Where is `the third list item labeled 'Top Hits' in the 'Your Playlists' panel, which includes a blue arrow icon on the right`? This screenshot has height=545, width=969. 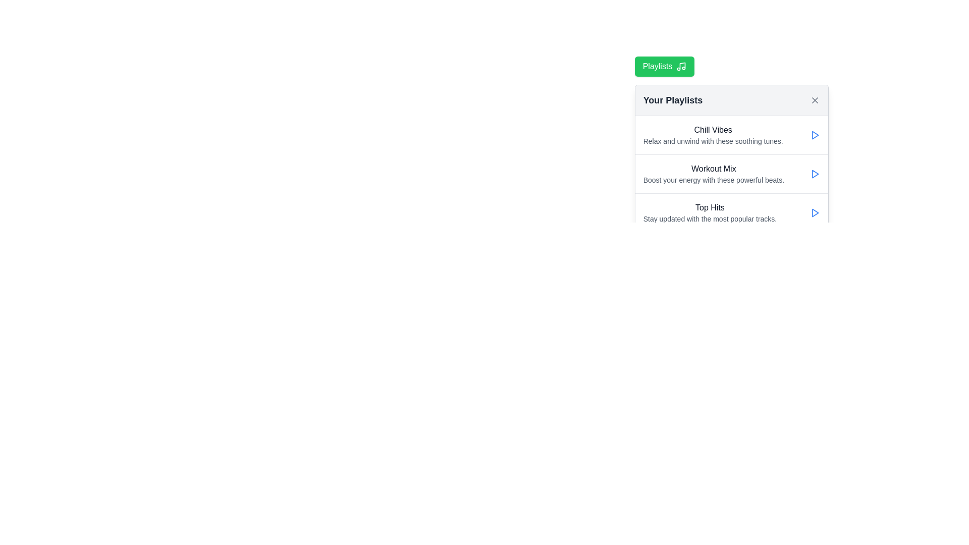
the third list item labeled 'Top Hits' in the 'Your Playlists' panel, which includes a blue arrow icon on the right is located at coordinates (731, 212).